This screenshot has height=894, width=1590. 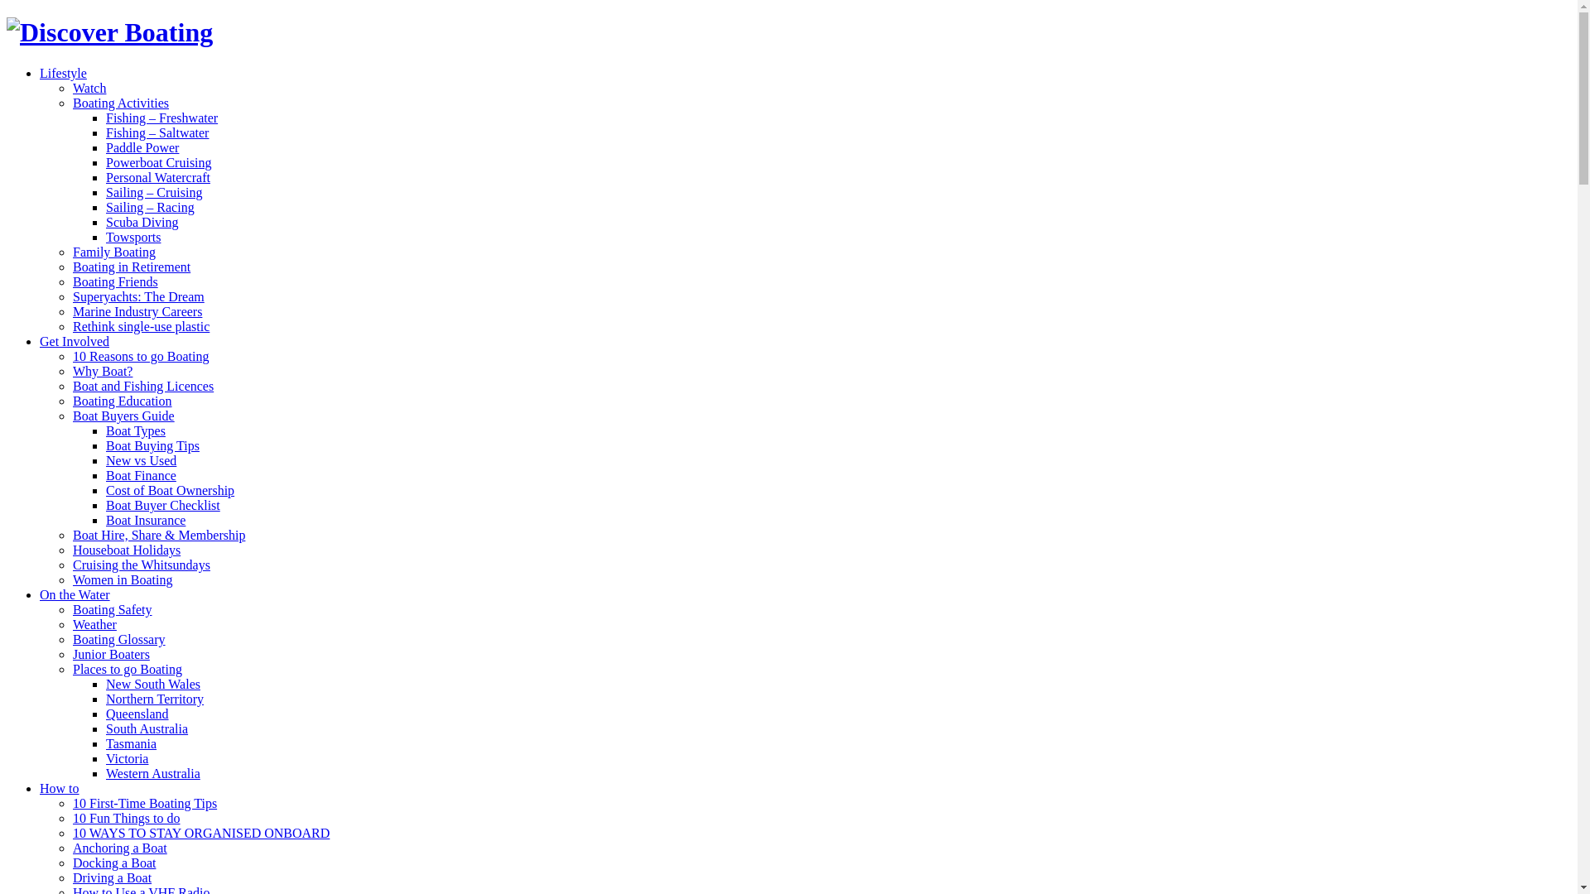 What do you see at coordinates (88, 88) in the screenshot?
I see `'Watch'` at bounding box center [88, 88].